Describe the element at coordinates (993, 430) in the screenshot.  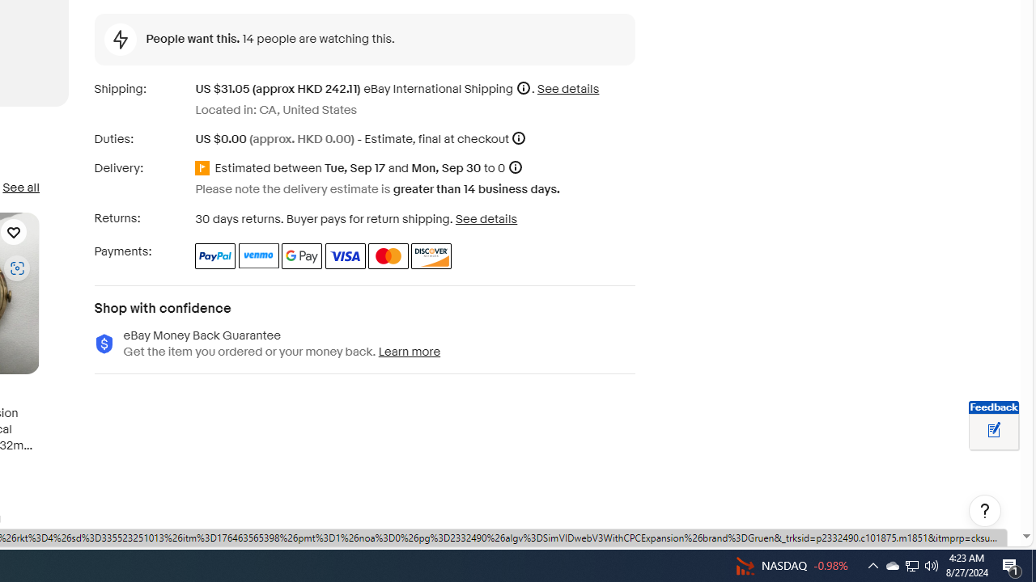
I see `'Leave feedback about your eBay ViewItem experience'` at that location.